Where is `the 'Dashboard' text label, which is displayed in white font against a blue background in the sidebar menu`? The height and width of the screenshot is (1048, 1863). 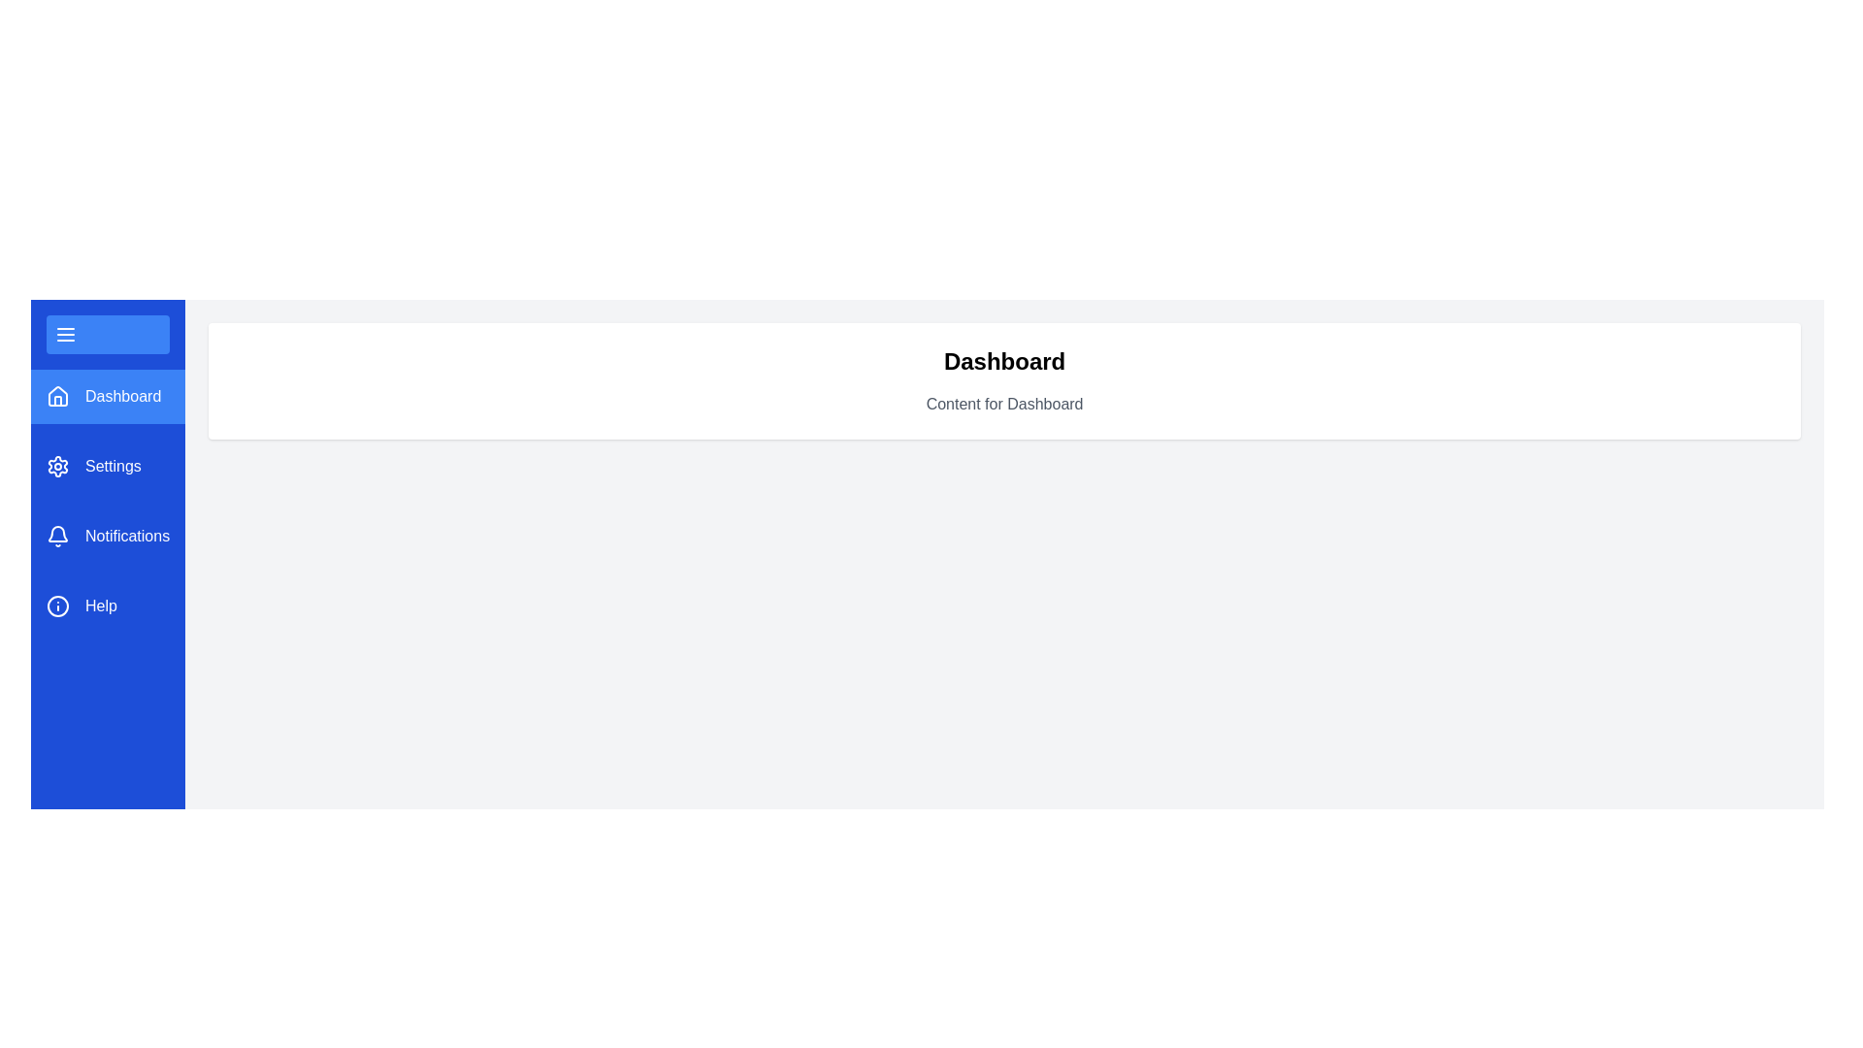 the 'Dashboard' text label, which is displayed in white font against a blue background in the sidebar menu is located at coordinates (122, 395).